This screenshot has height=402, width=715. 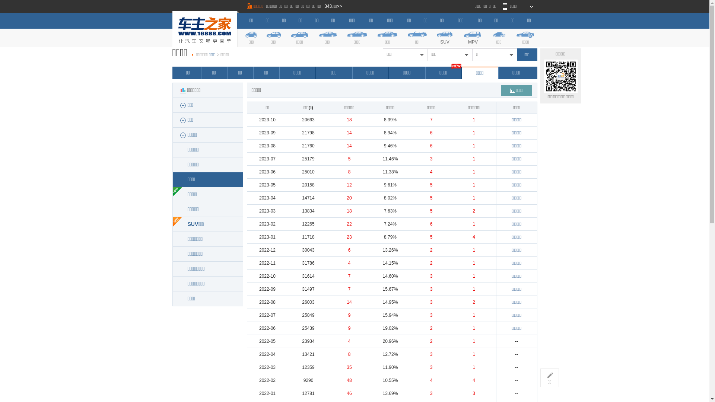 What do you see at coordinates (430, 262) in the screenshot?
I see `'2'` at bounding box center [430, 262].